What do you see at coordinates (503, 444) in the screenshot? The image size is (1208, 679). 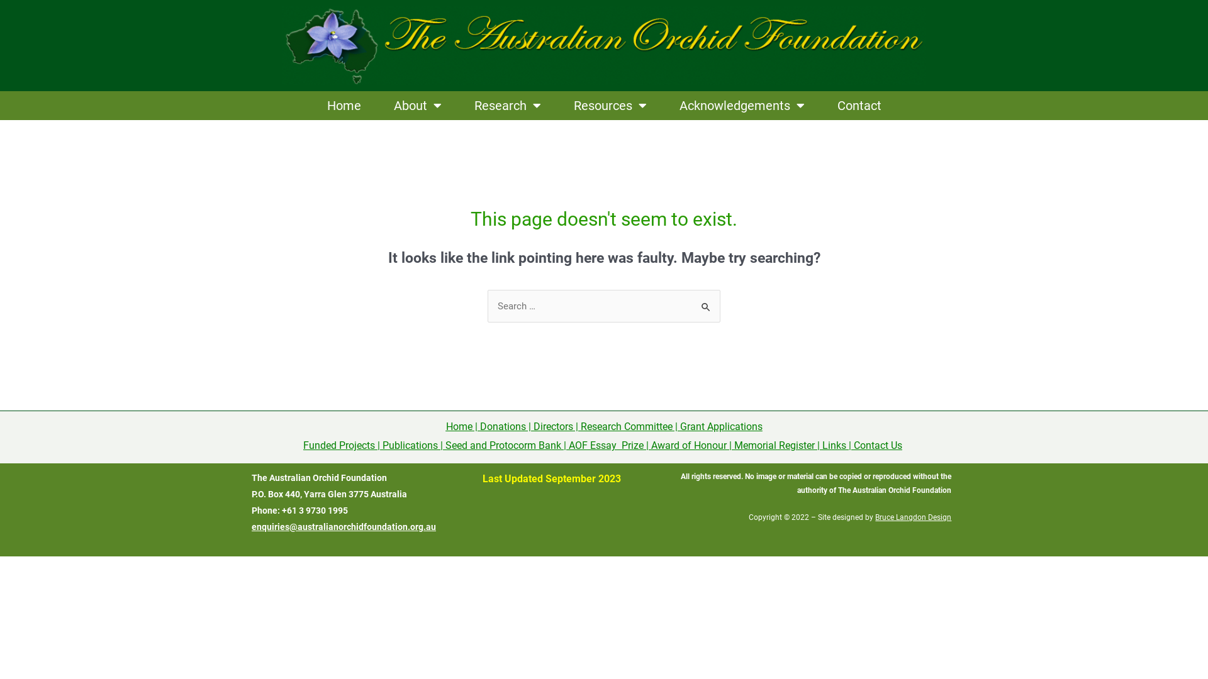 I see `'Seed and Protocorm Bank'` at bounding box center [503, 444].